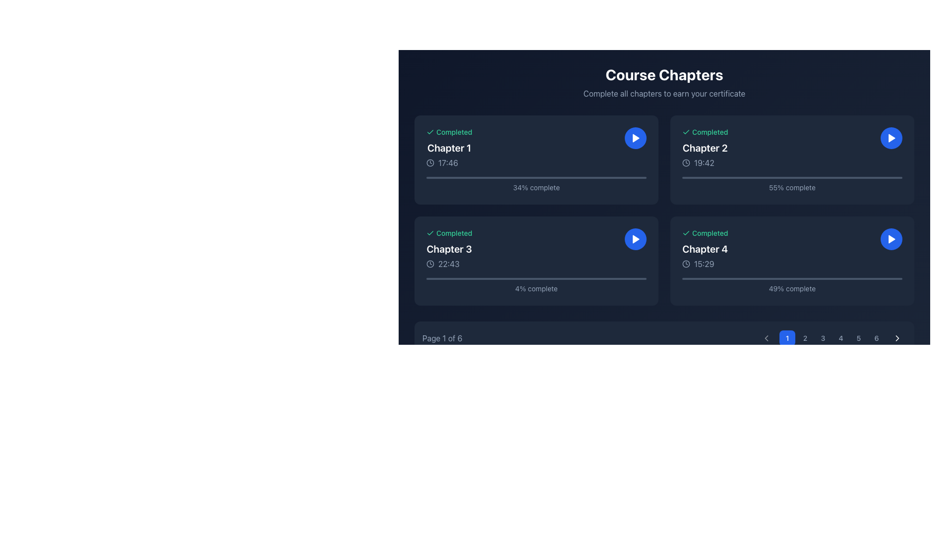  Describe the element at coordinates (766, 337) in the screenshot. I see `the small rounded square button with a dark background and a leftward-pointing chevron icon` at that location.